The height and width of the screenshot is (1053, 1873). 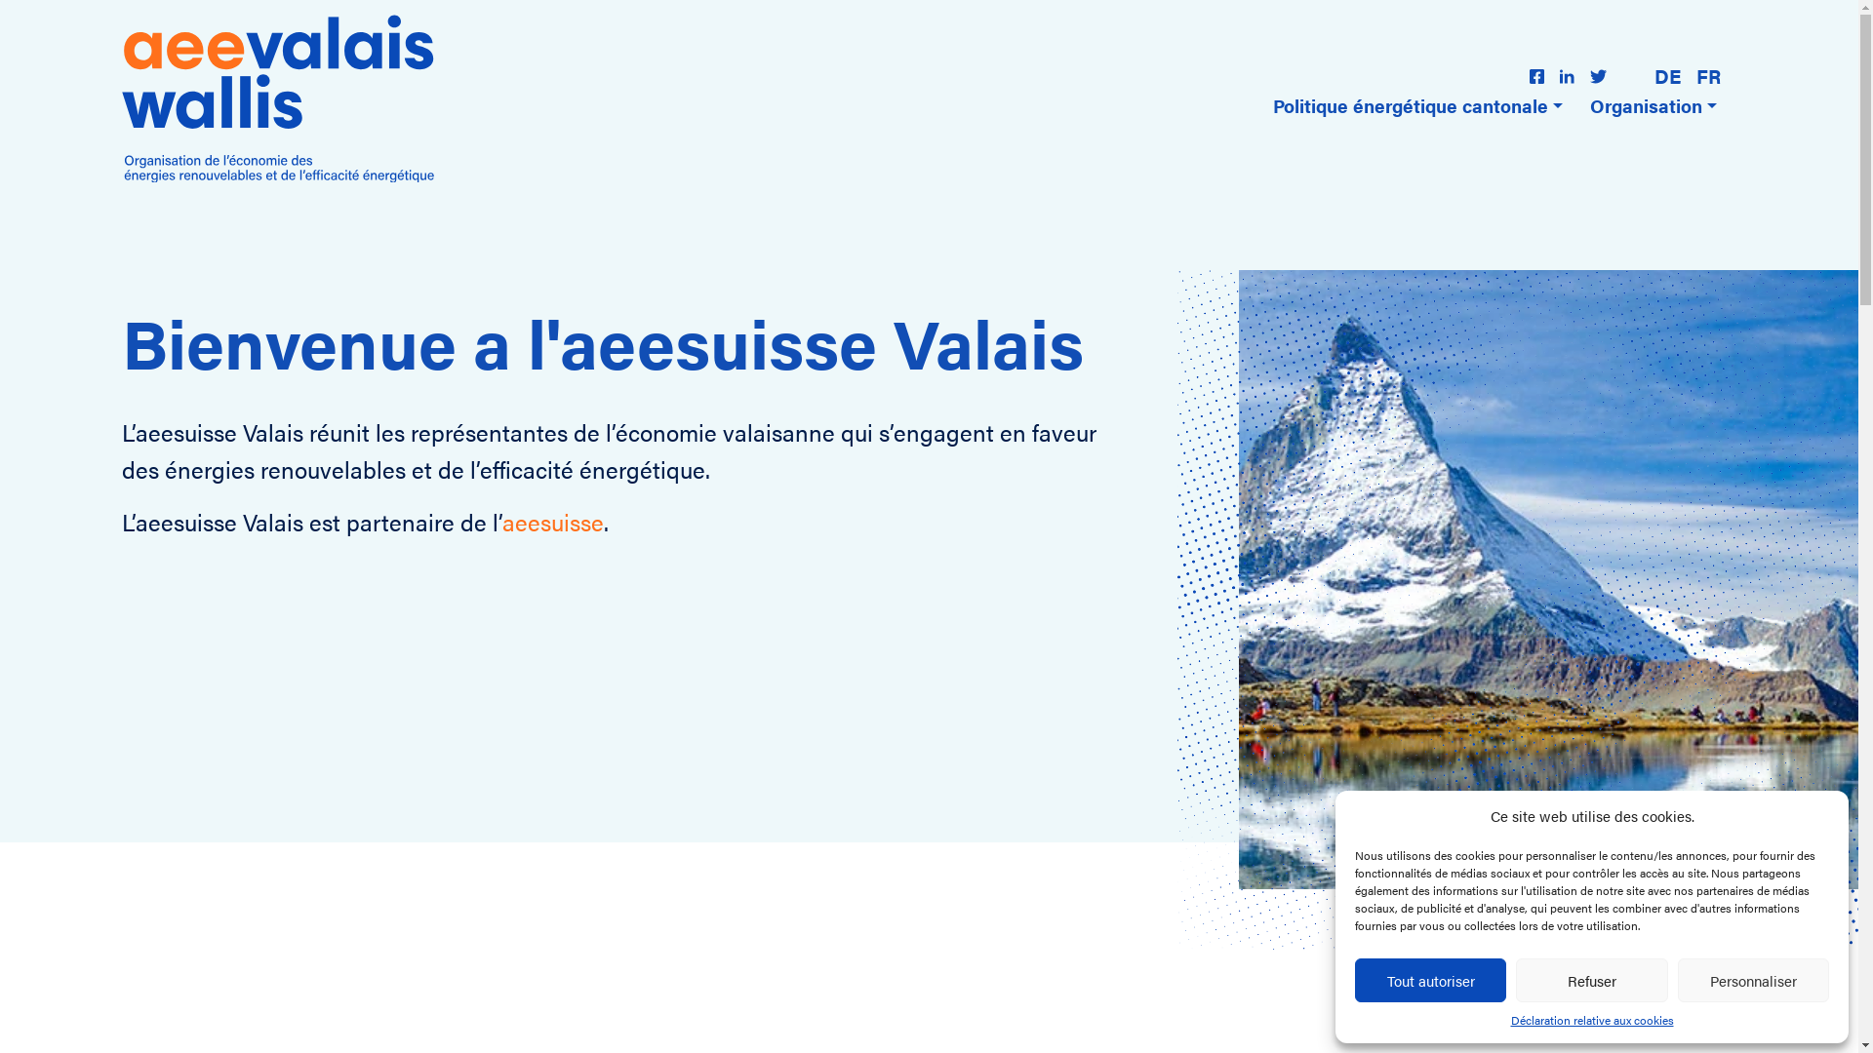 I want to click on 'Personnaliser', so click(x=1676, y=980).